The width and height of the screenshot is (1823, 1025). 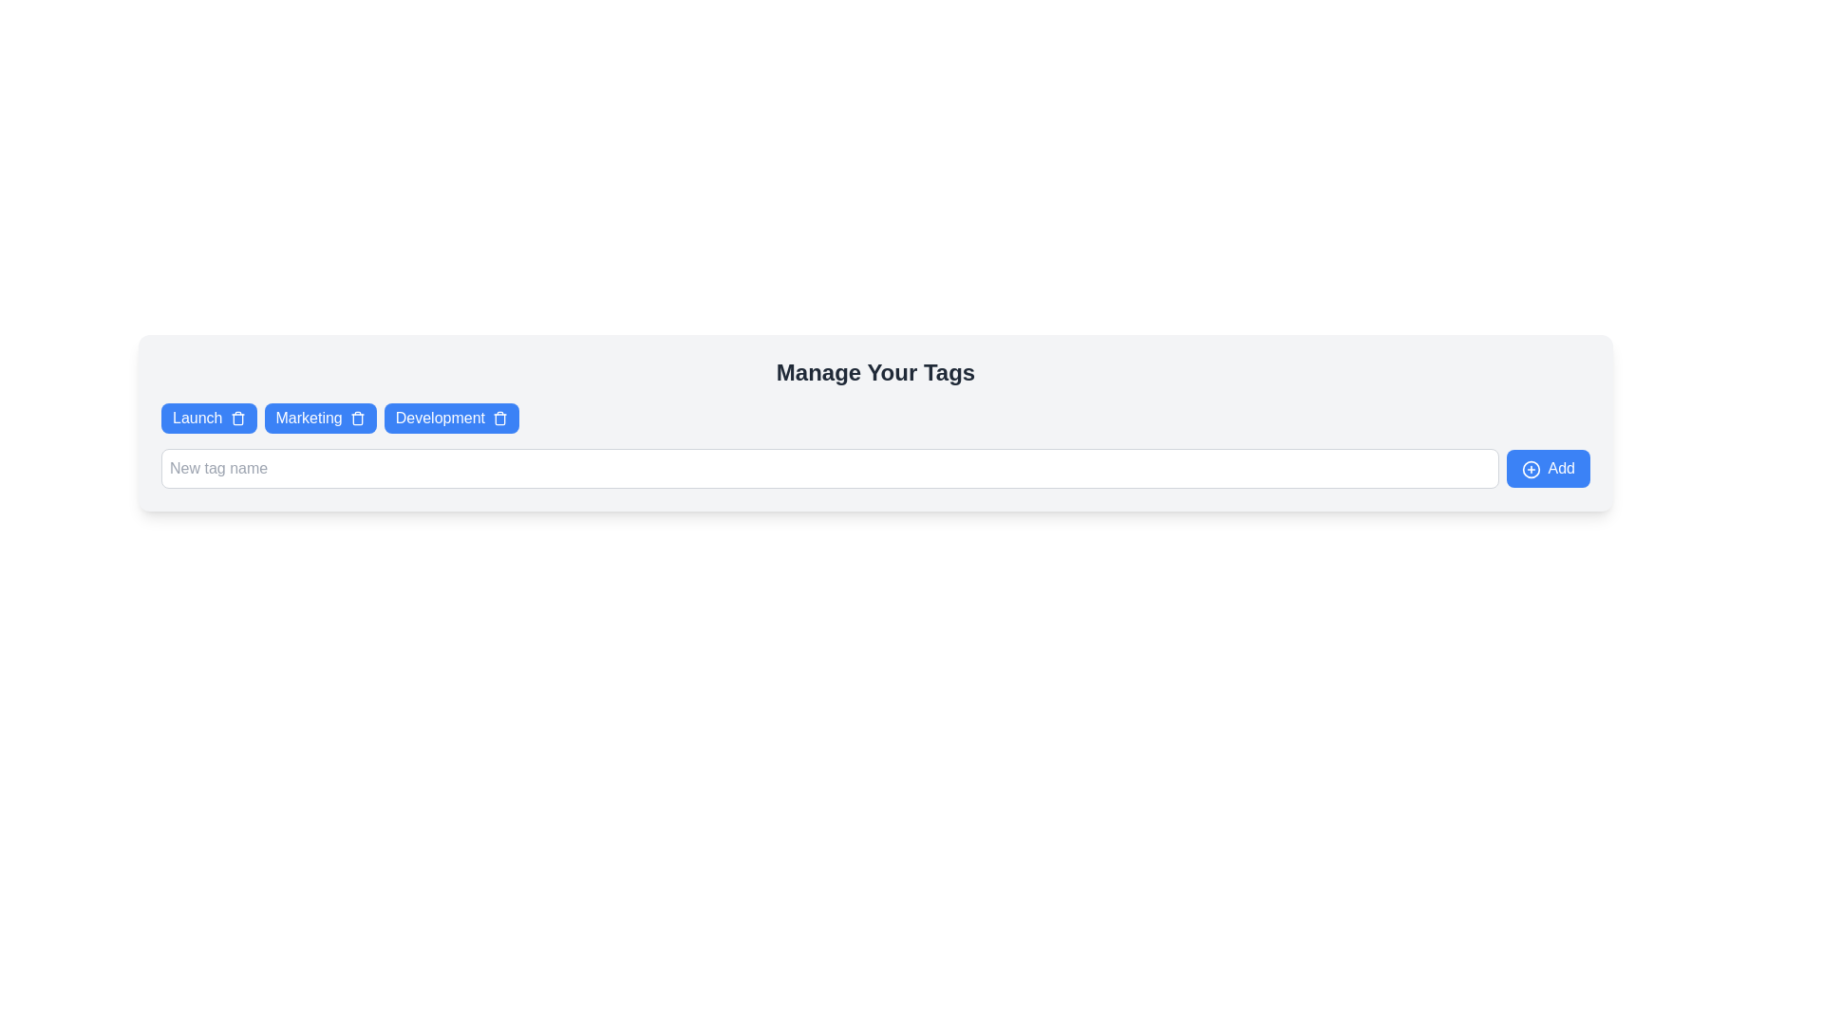 I want to click on the delete button located to the right of the 'Marketing' tag, so click(x=357, y=417).